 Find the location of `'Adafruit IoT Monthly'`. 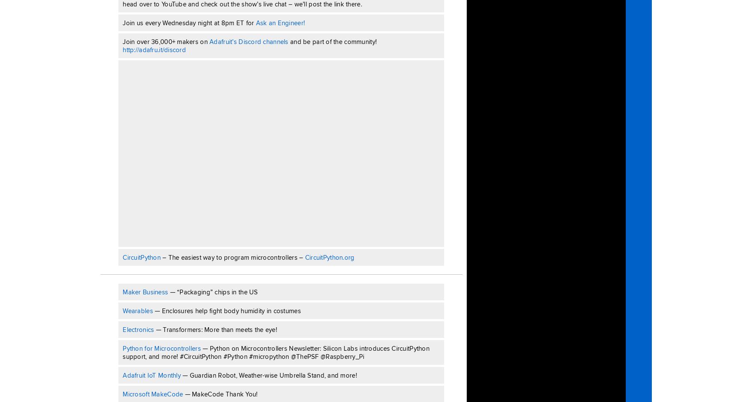

'Adafruit IoT Monthly' is located at coordinates (151, 375).